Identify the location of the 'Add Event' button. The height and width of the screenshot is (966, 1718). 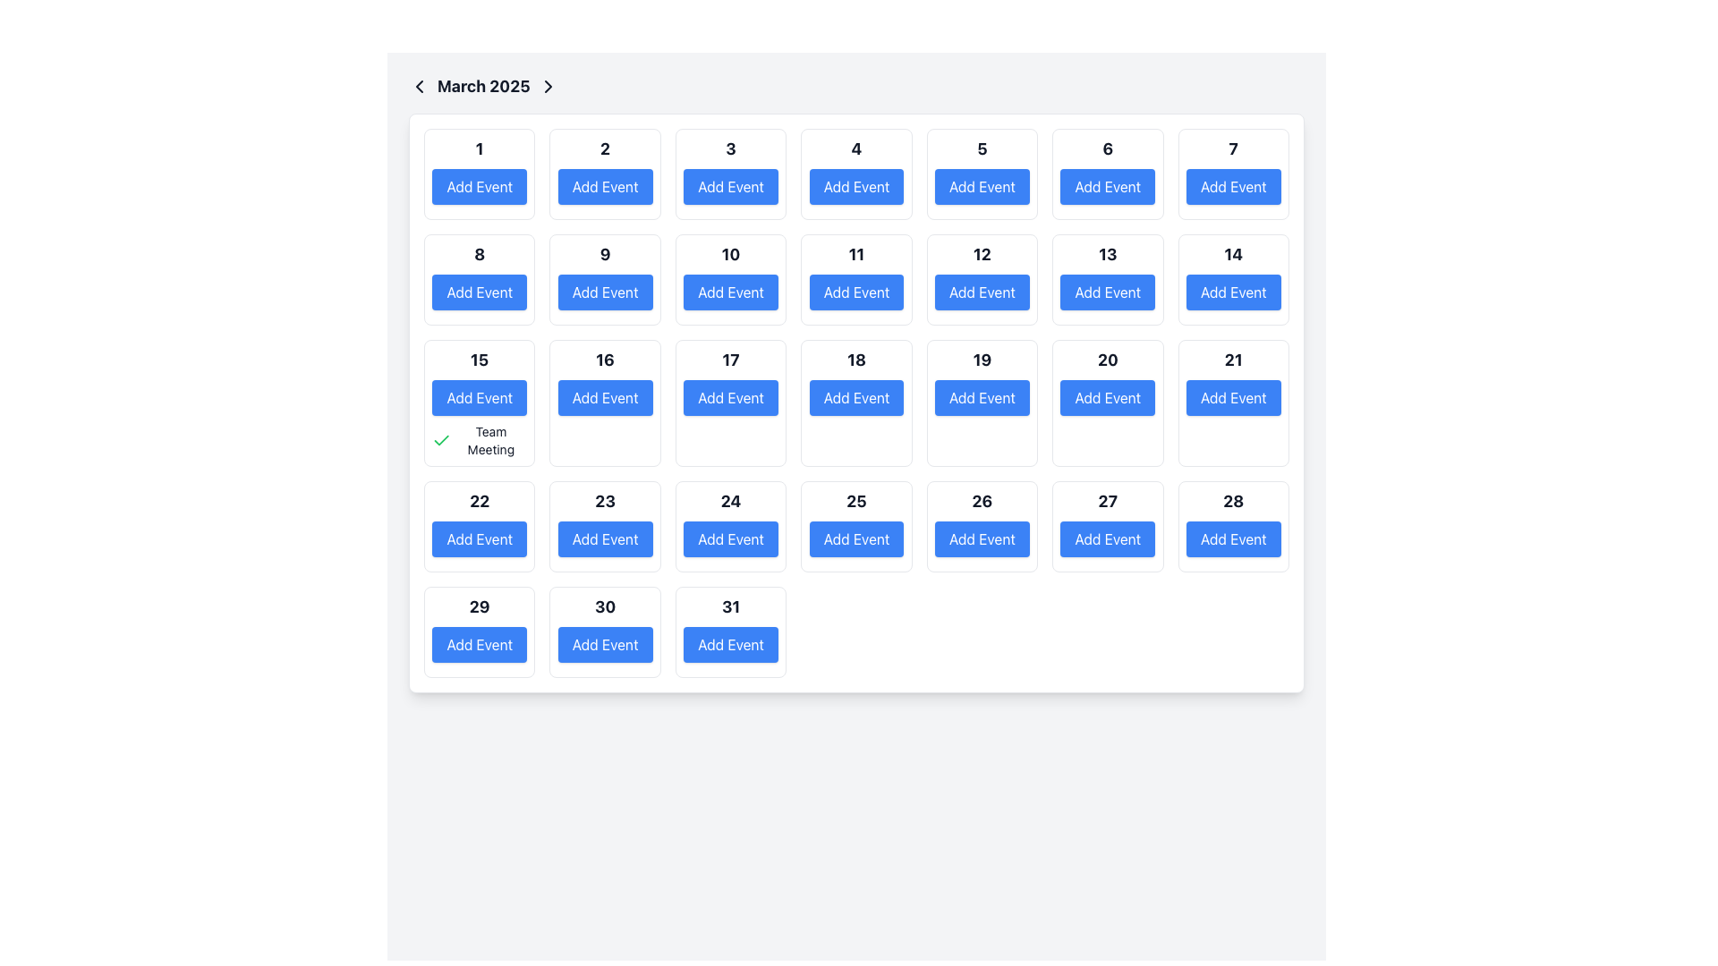
(981, 174).